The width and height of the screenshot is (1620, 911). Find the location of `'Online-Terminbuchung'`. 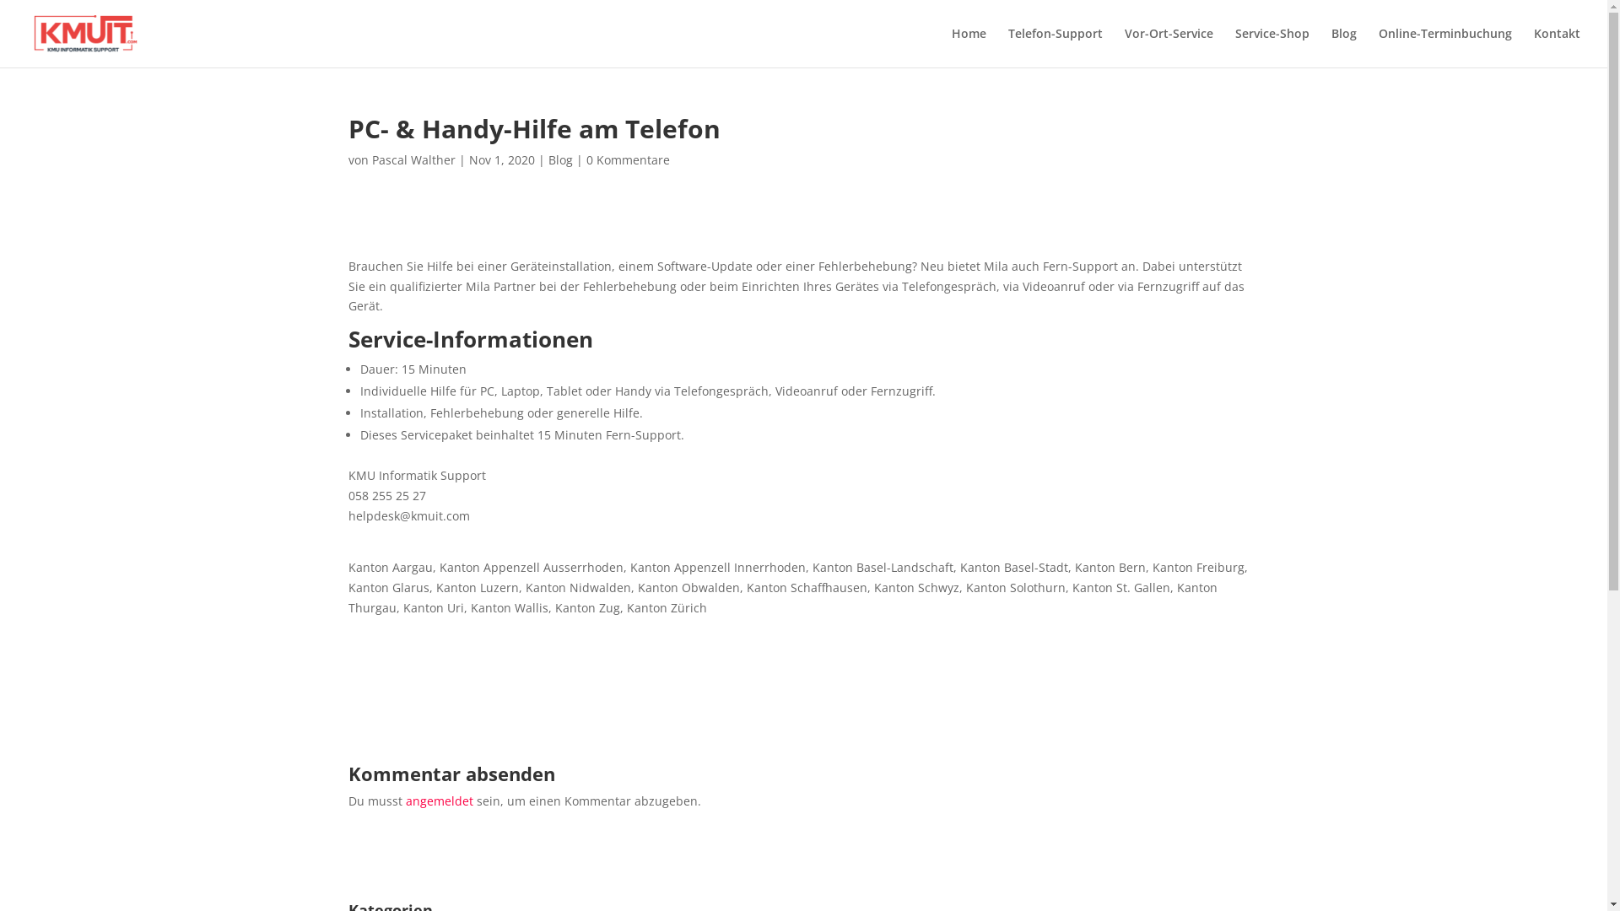

'Online-Terminbuchung' is located at coordinates (1444, 46).